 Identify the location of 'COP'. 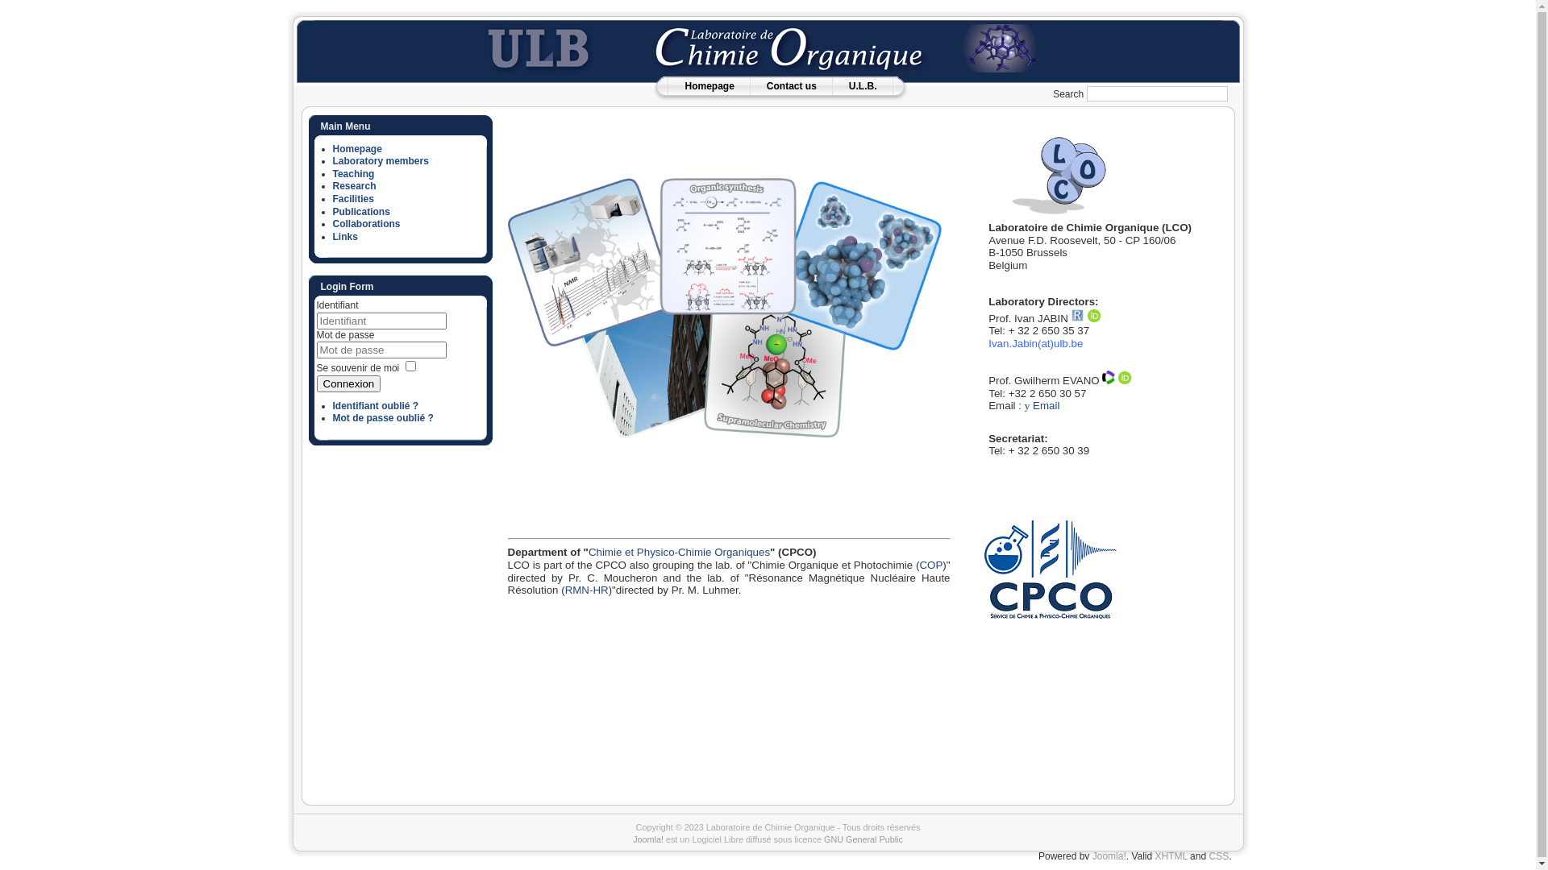
(919, 564).